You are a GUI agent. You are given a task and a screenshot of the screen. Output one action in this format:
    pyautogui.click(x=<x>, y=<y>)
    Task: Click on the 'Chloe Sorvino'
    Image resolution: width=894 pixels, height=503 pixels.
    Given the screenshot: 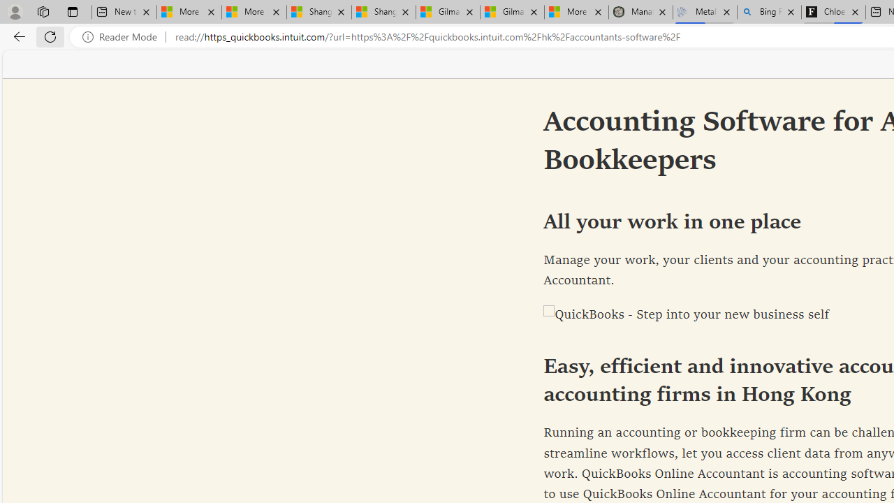 What is the action you would take?
    pyautogui.click(x=833, y=12)
    